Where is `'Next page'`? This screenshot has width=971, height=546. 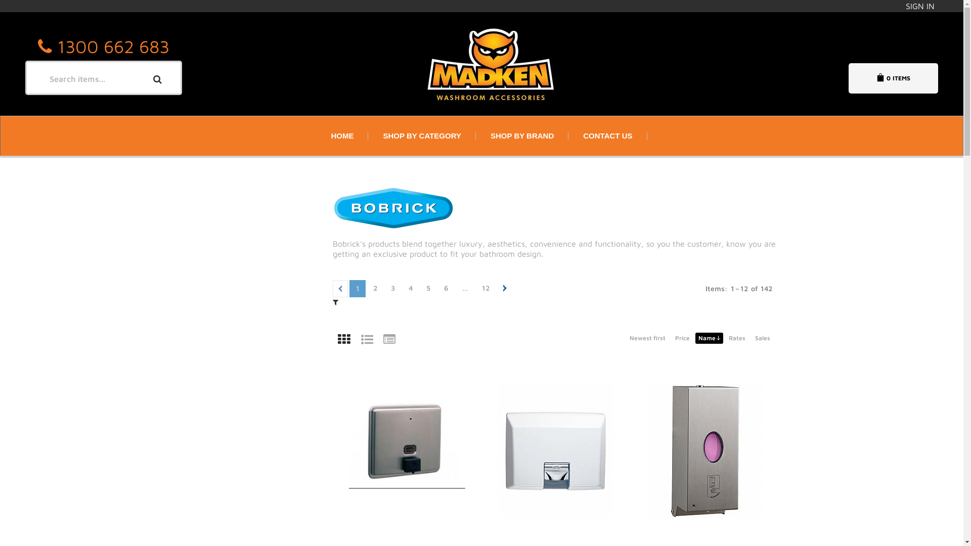
'Next page' is located at coordinates (504, 288).